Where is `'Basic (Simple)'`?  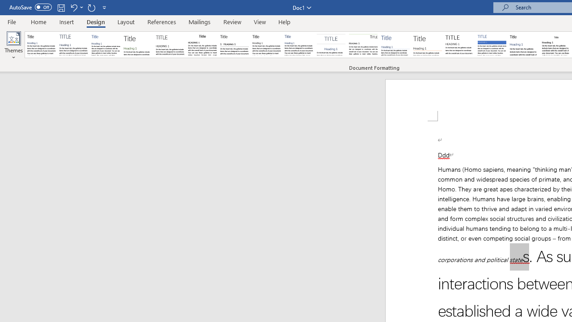
'Basic (Simple)' is located at coordinates (105, 45).